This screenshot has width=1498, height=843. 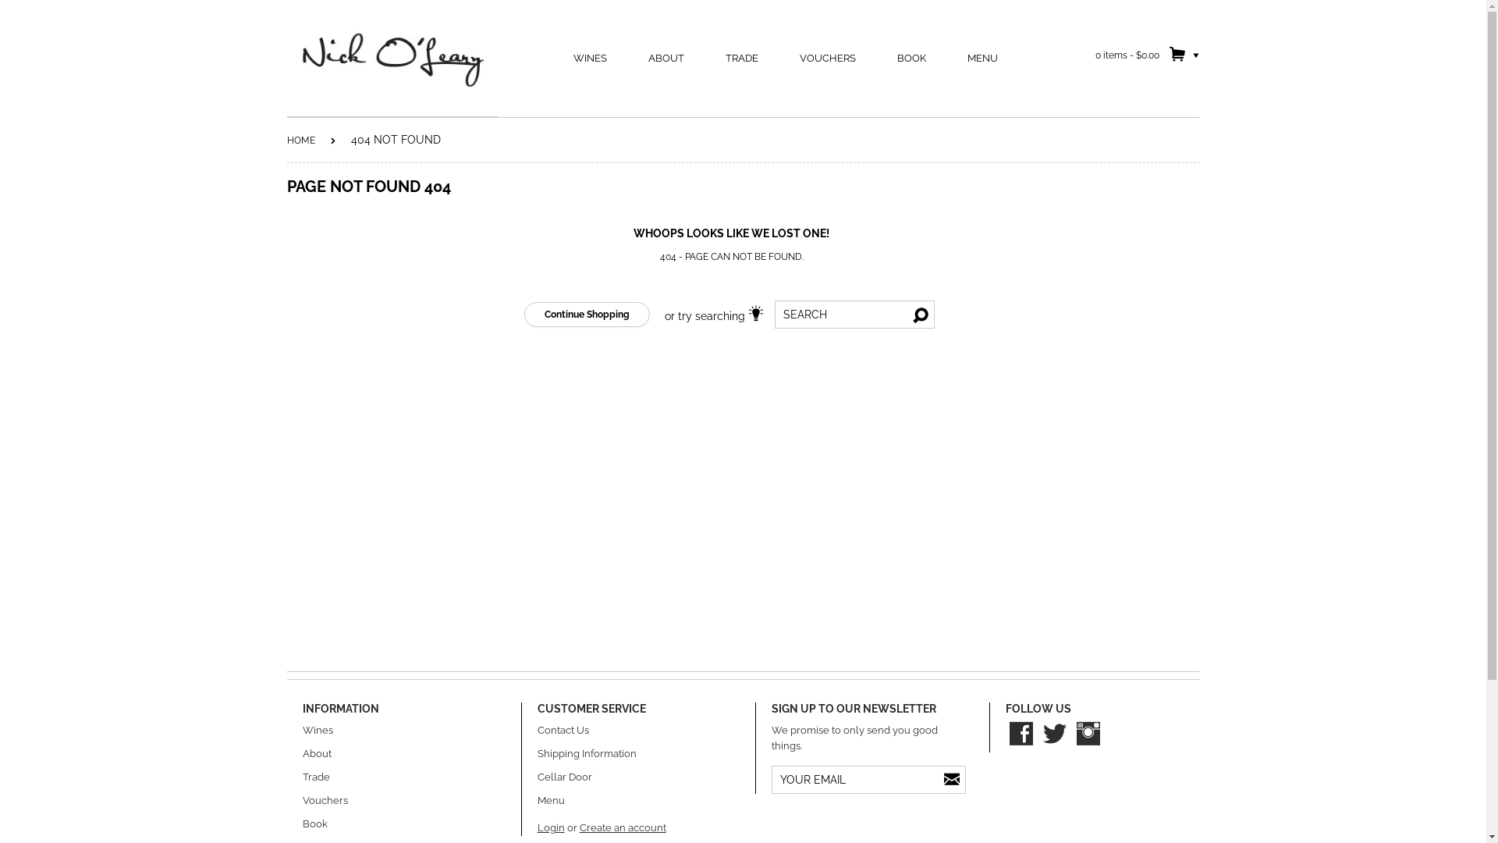 I want to click on 'HOME', so click(x=300, y=140).